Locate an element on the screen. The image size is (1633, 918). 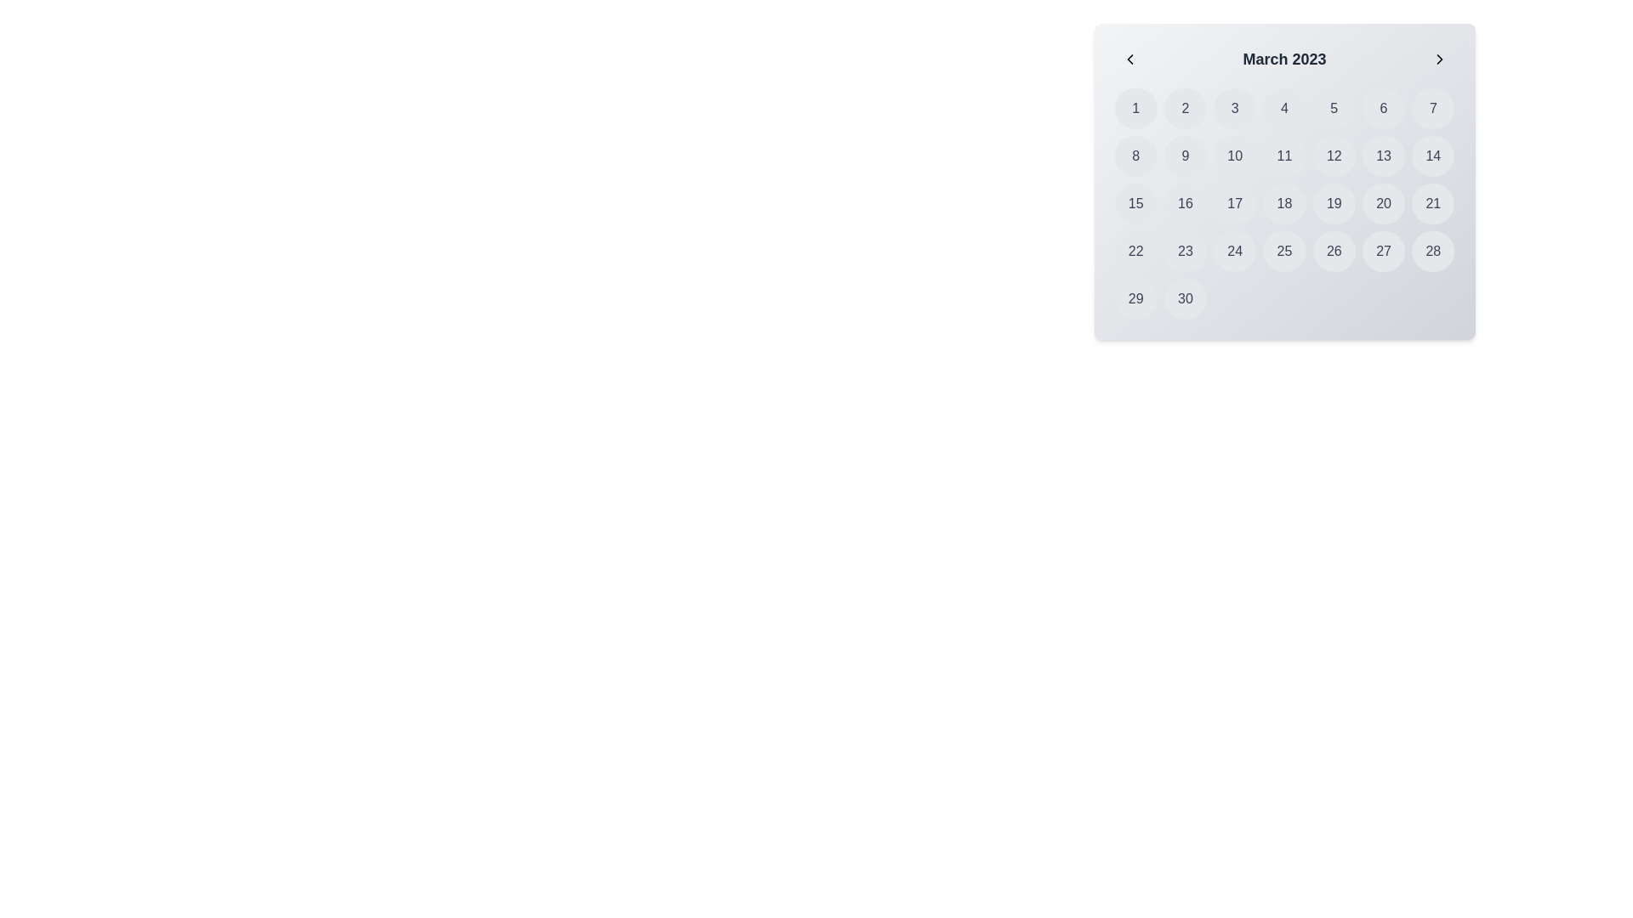
the Text Label that displays the current month and year in the calendar interface, positioned centrally at the top bar between navigation arrows is located at coordinates (1284, 58).